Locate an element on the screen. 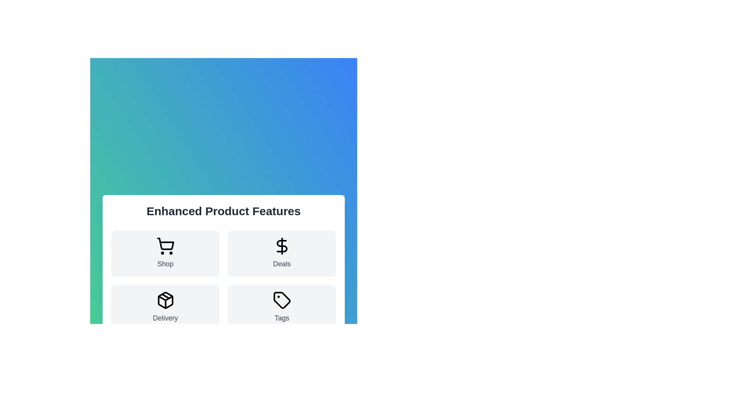 This screenshot has width=743, height=418. the fourth card in the grid layout titled 'Enhanced Product Features', which has a light gray background, rounded corners, and contains a tag icon and the text 'Tags' below it is located at coordinates (281, 307).